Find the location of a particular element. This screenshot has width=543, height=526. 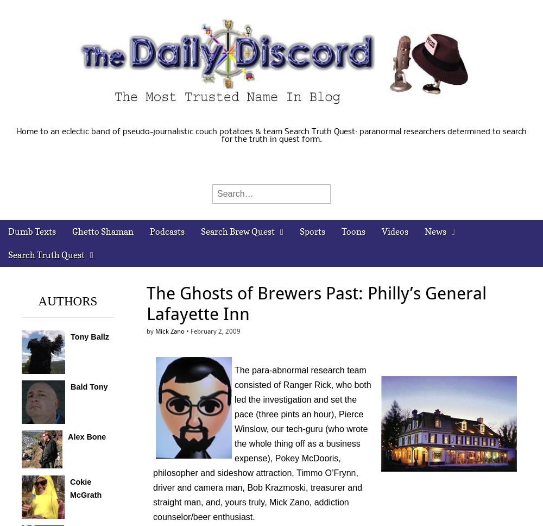

'The Daily Discord' is located at coordinates (39, 163).